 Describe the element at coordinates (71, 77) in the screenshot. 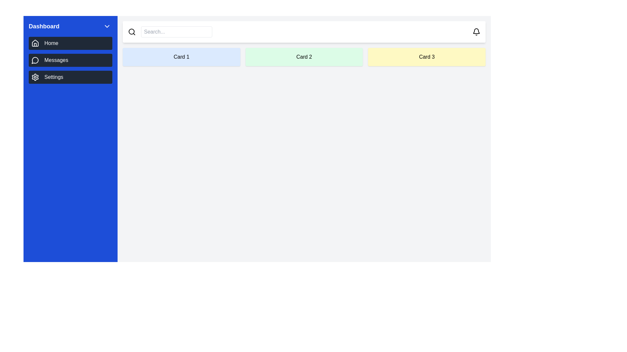

I see `'Settings' button, which is a rectangular component with a dark gray background and white text, using developer tools` at that location.